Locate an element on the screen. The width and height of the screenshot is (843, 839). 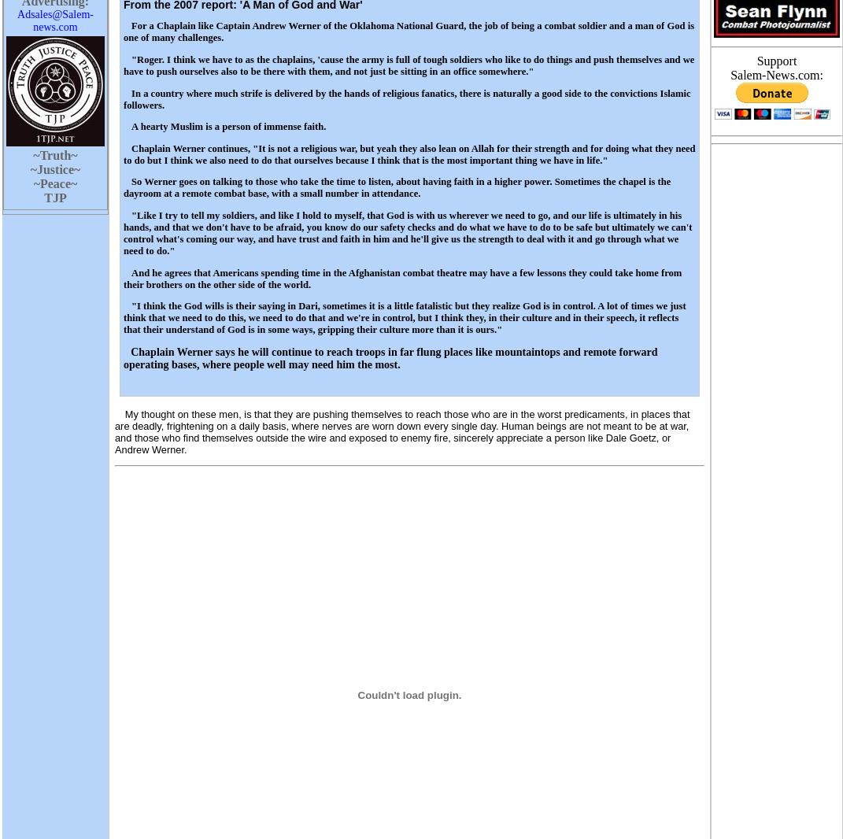
'Salem-News.com:' is located at coordinates (775, 74).